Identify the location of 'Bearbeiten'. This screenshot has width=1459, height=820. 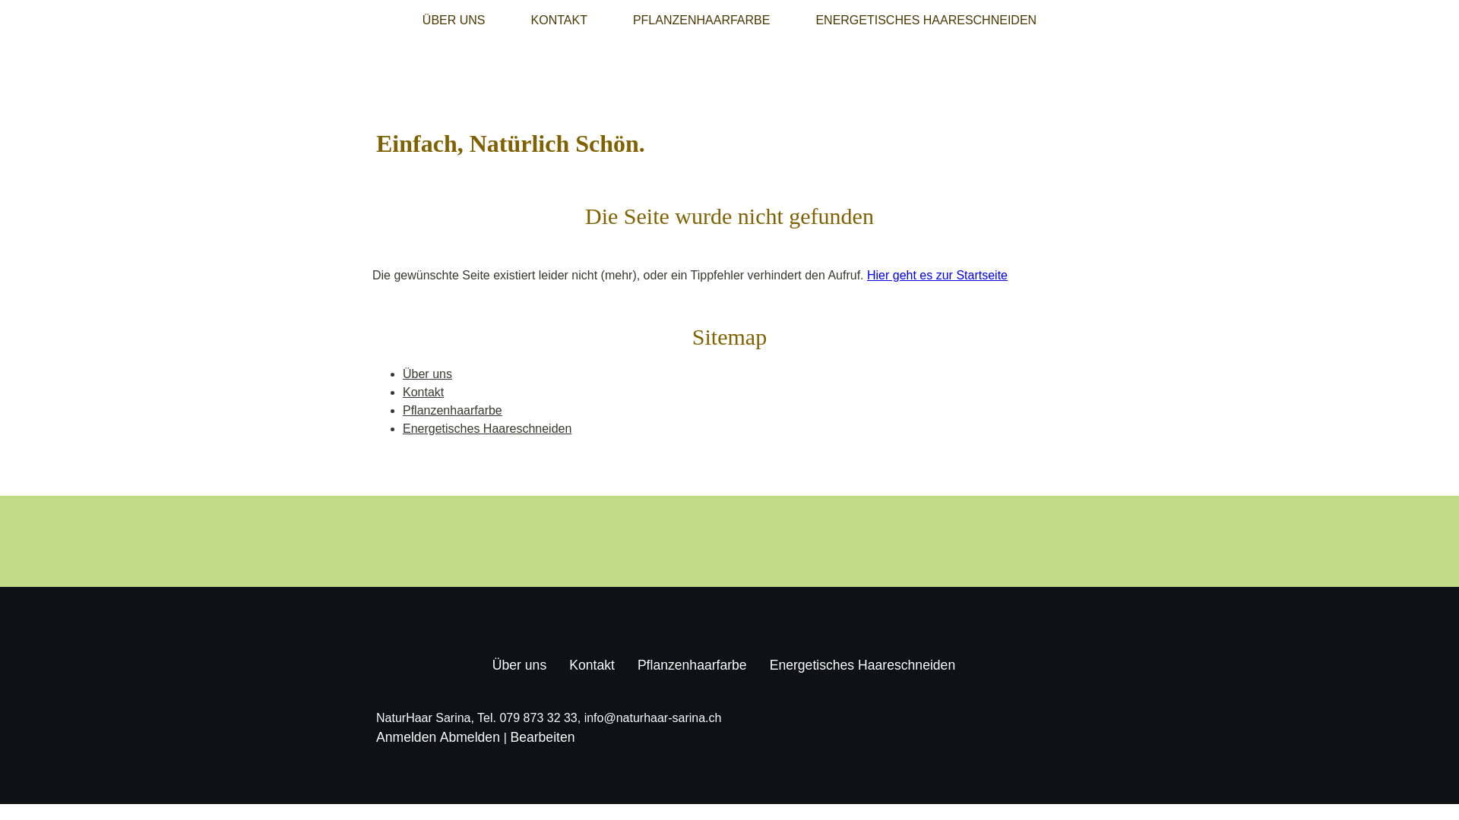
(542, 736).